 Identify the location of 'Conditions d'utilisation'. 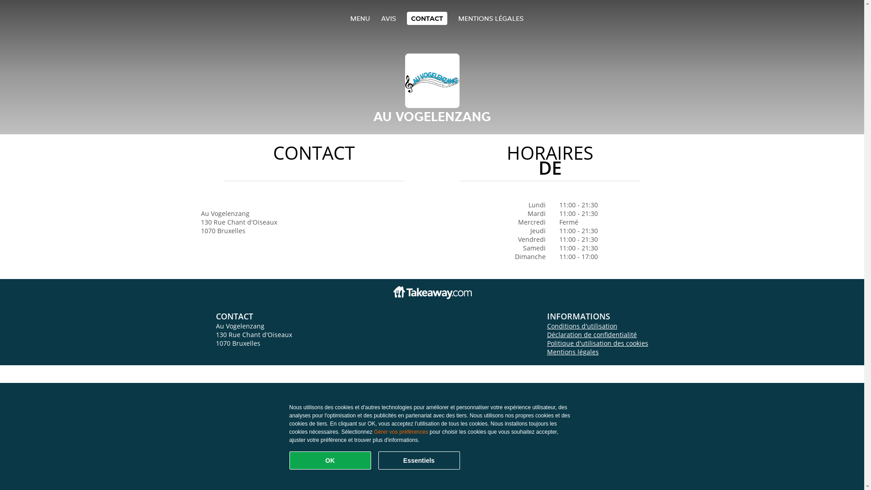
(582, 325).